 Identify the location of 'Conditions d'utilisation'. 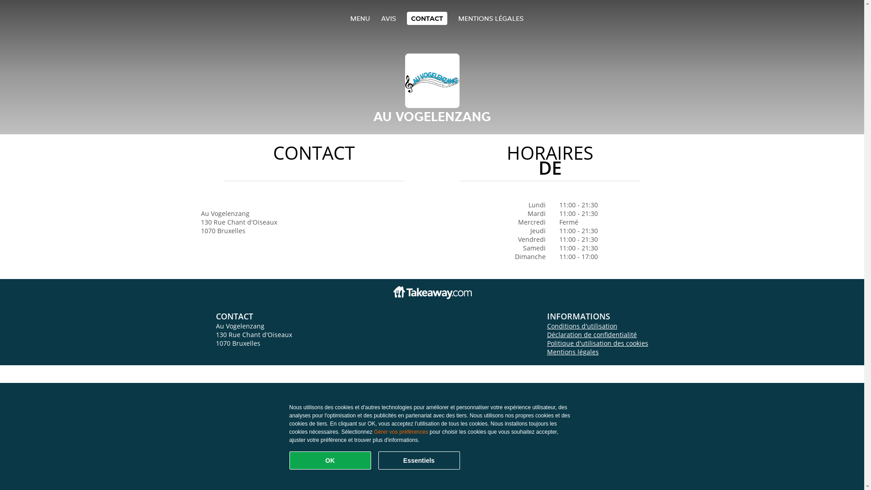
(582, 325).